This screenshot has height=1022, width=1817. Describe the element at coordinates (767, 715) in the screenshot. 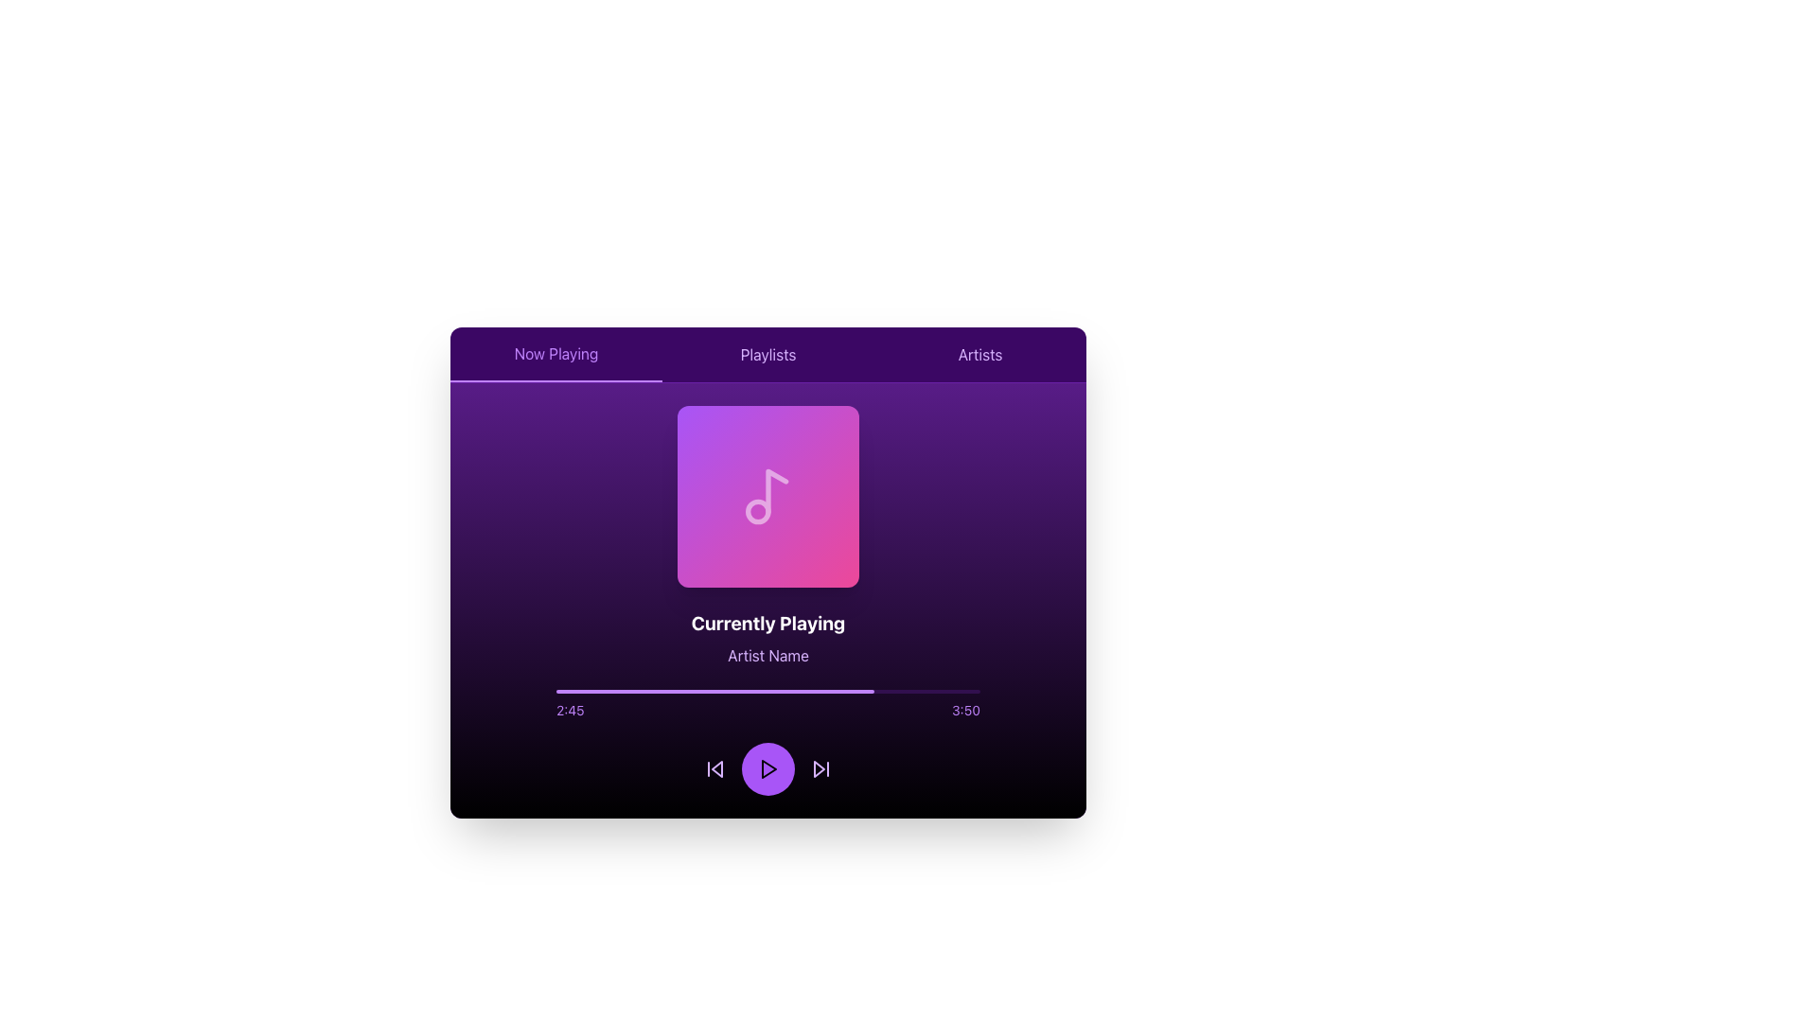

I see `the playback progress indicator on the progress bar, which is centrally located below the 'Currently Playing' label` at that location.